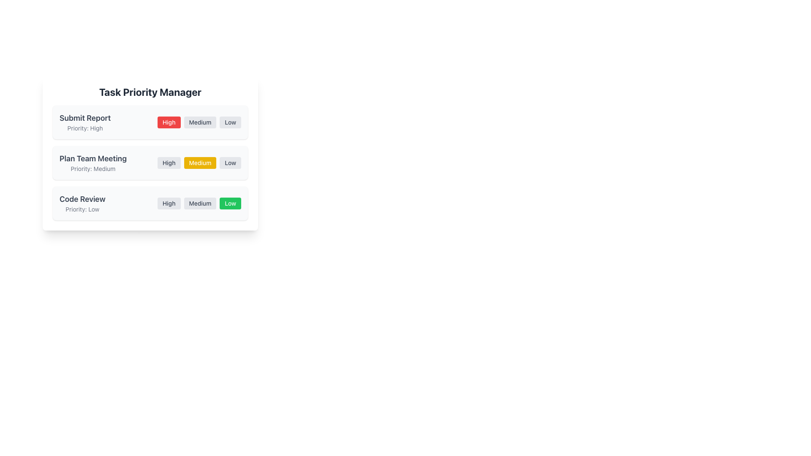 The image size is (811, 456). I want to click on the 'Low' button, so click(230, 204).